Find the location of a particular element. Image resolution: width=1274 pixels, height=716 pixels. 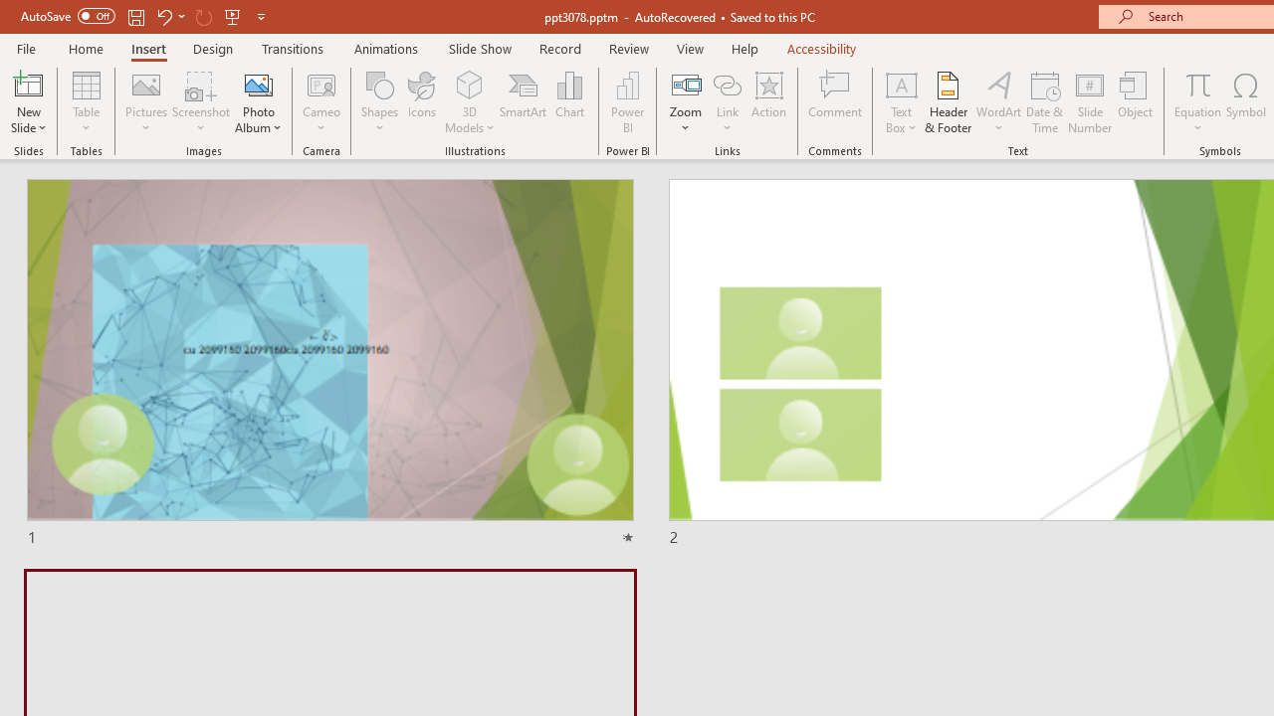

'Link' is located at coordinates (727, 84).